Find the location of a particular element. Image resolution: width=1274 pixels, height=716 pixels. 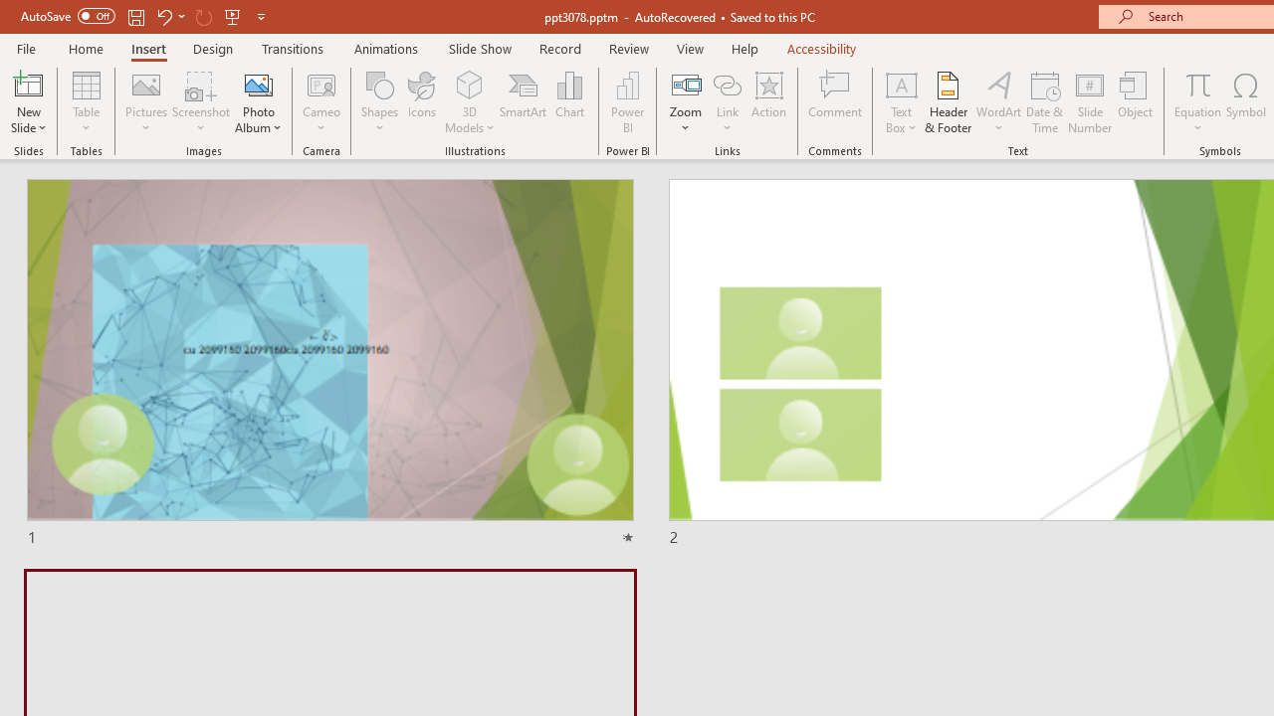

'Link' is located at coordinates (727, 84).